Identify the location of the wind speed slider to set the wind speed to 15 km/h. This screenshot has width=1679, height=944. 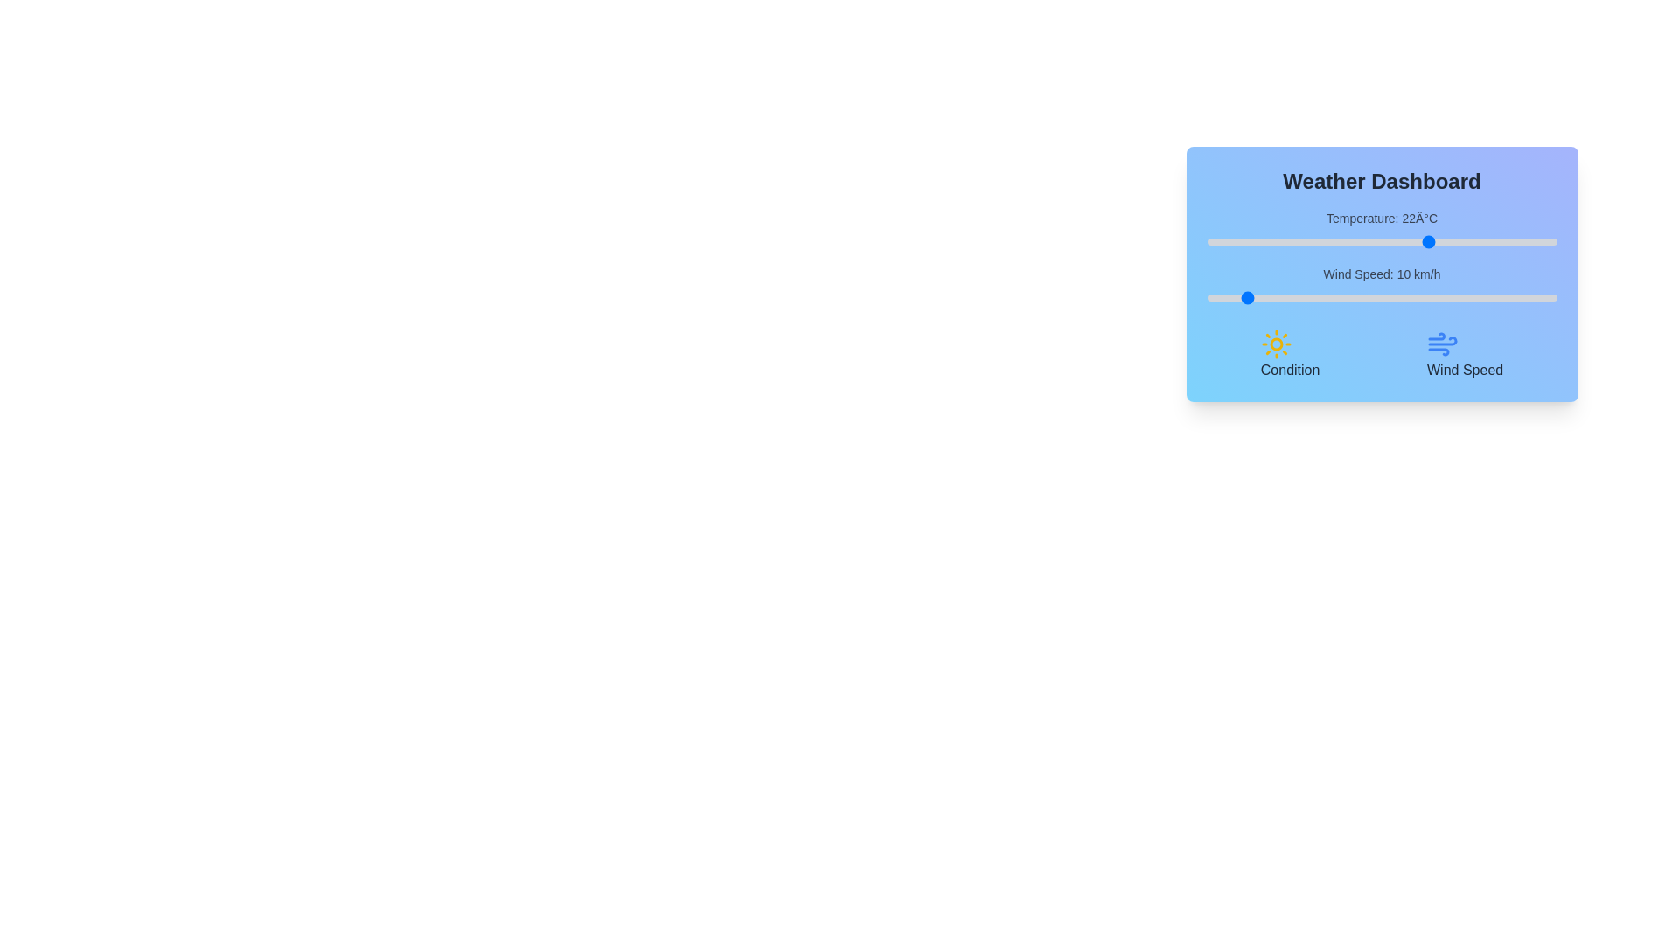
(1259, 296).